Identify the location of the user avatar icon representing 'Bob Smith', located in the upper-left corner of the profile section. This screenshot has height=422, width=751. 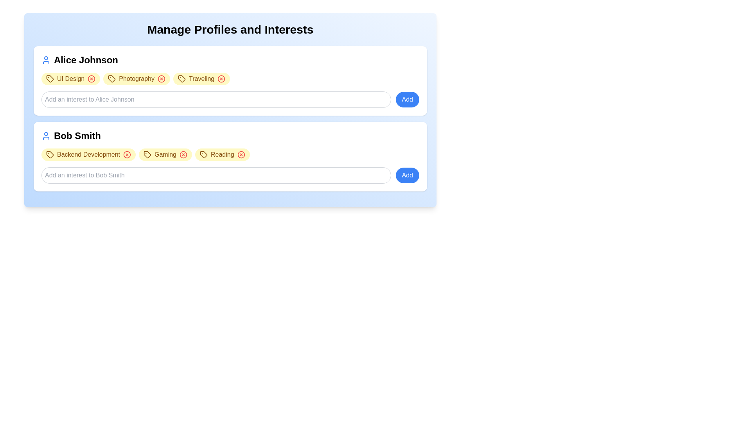
(46, 135).